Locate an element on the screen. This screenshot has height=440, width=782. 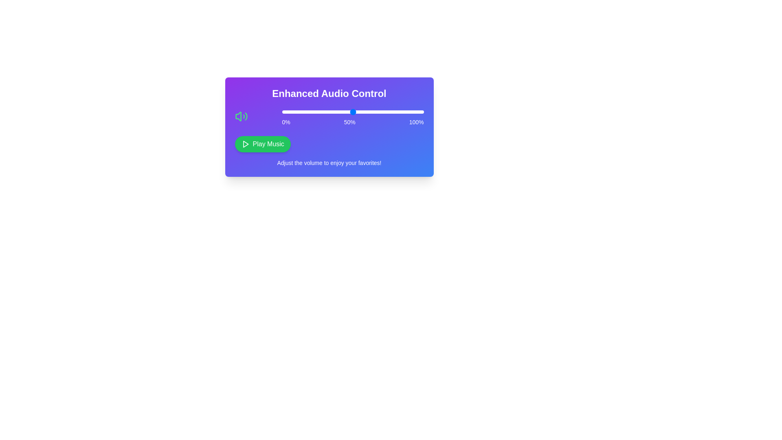
the slider to set the volume to 58% is located at coordinates (364, 112).